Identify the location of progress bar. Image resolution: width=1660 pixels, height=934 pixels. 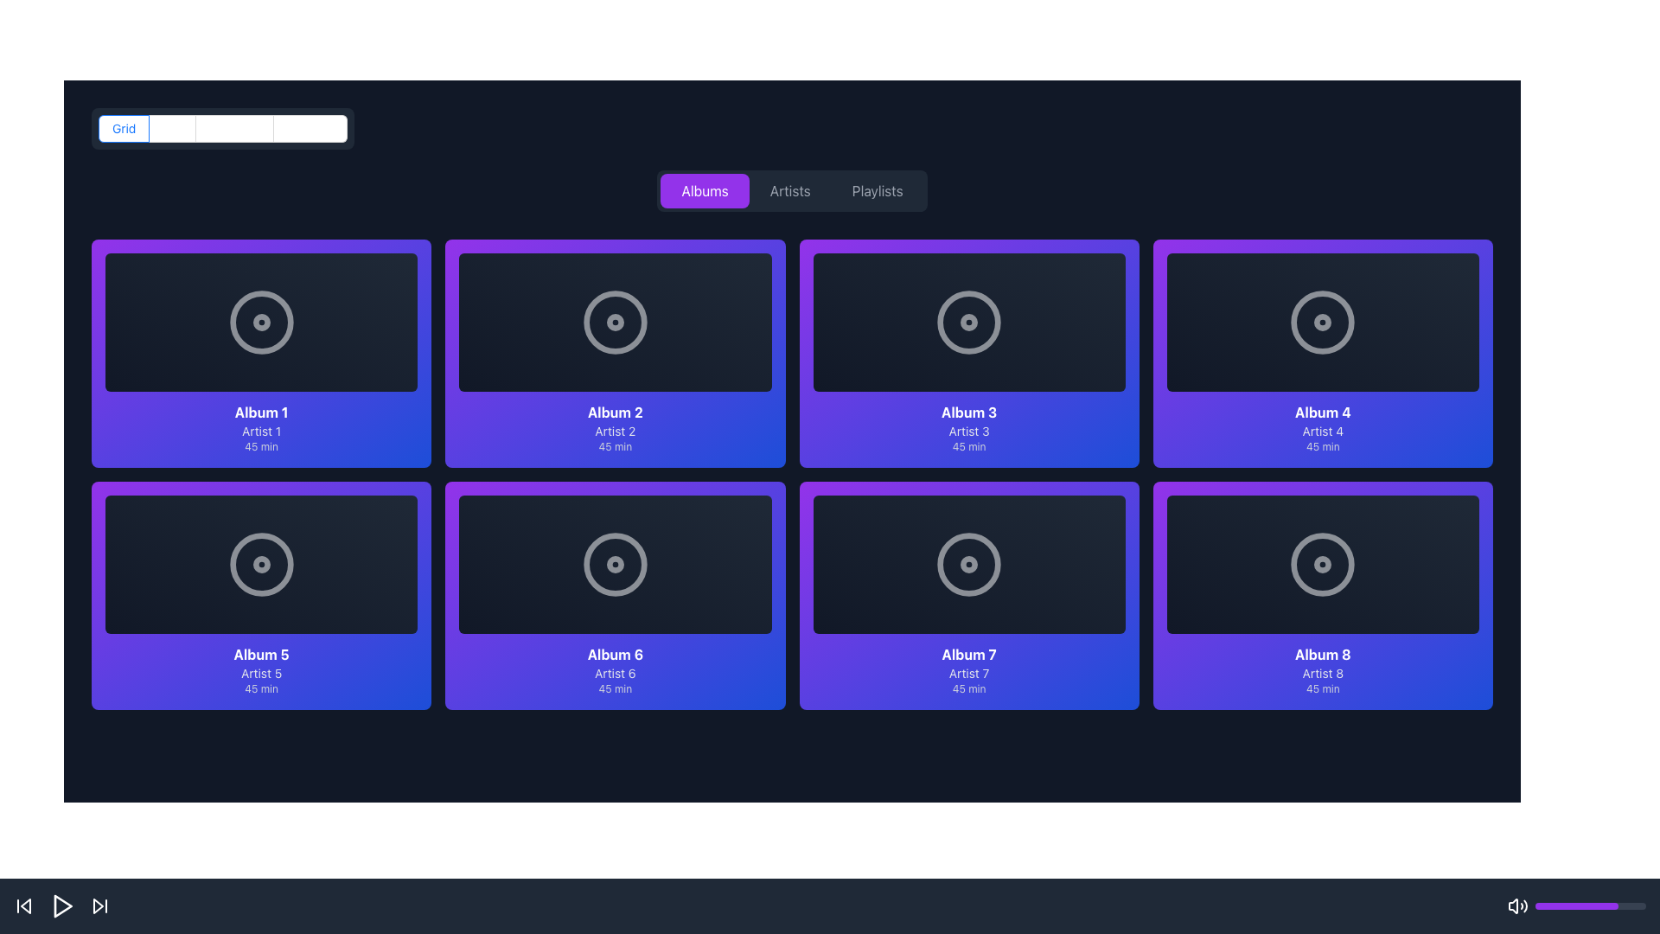
(1631, 905).